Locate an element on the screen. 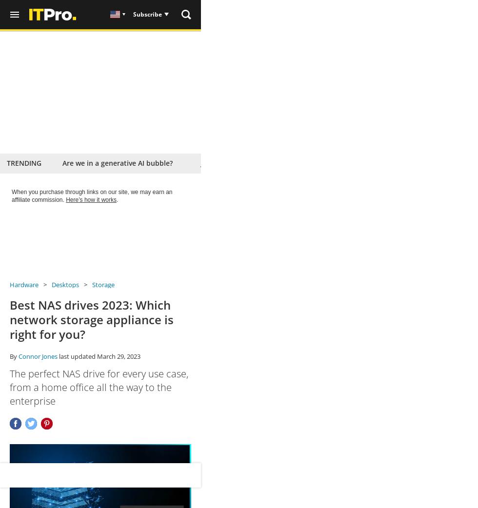 This screenshot has height=508, width=478. 'Trending' is located at coordinates (24, 163).